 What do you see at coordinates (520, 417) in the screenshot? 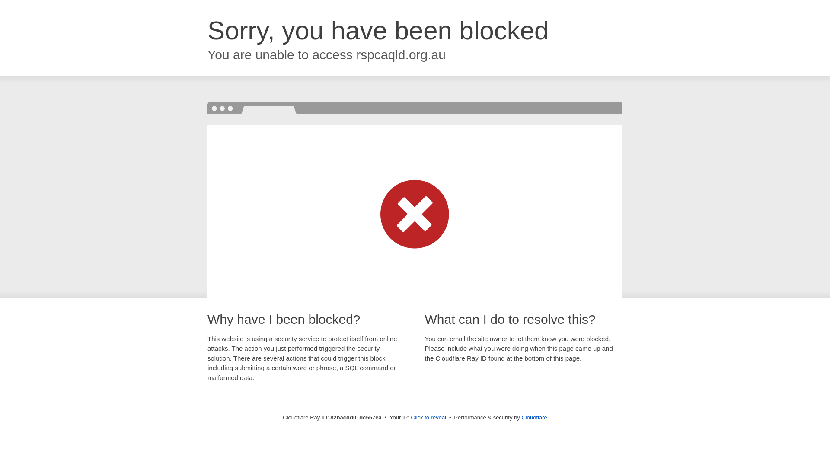
I see `'Cloudflare'` at bounding box center [520, 417].